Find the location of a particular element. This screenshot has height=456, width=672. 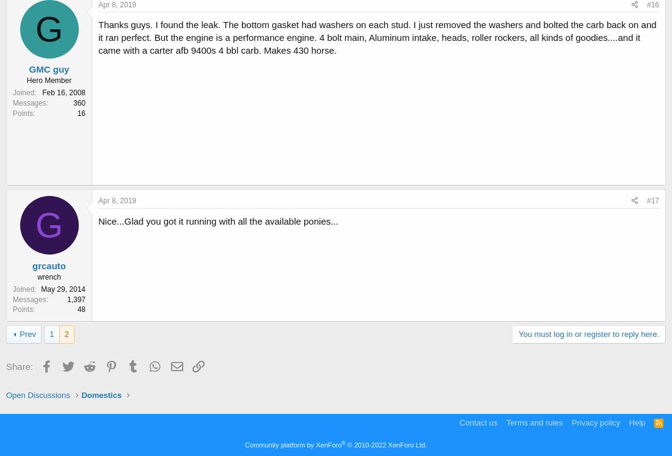

'Share:' is located at coordinates (19, 366).